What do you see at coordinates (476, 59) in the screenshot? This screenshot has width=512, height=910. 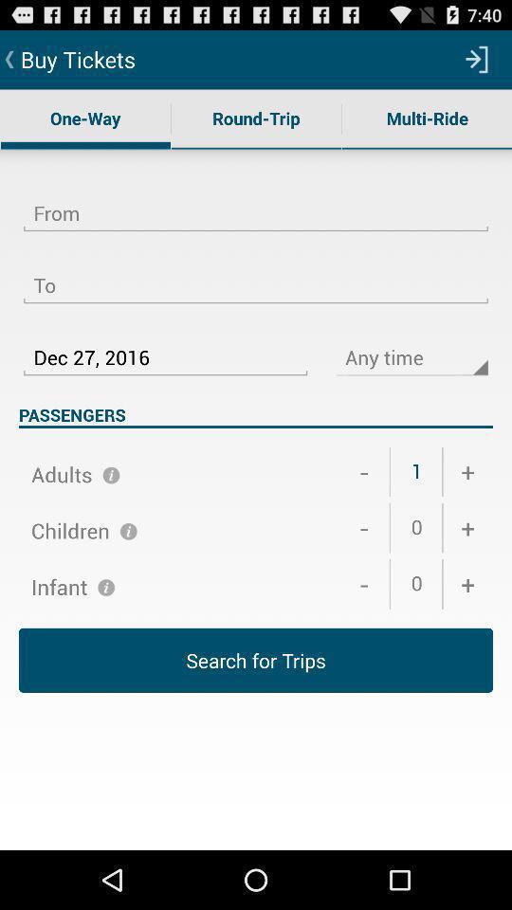 I see `icon above the multi-ride icon` at bounding box center [476, 59].